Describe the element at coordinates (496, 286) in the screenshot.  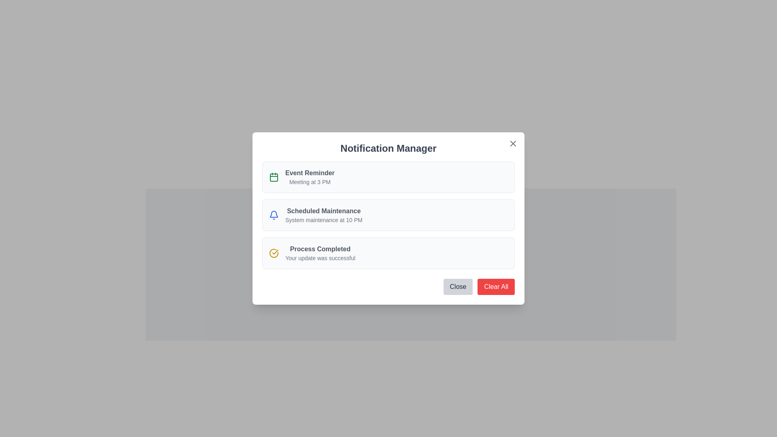
I see `the 'Clear All' button located at the bottom-right corner of the 'Notification Manager' modal` at that location.